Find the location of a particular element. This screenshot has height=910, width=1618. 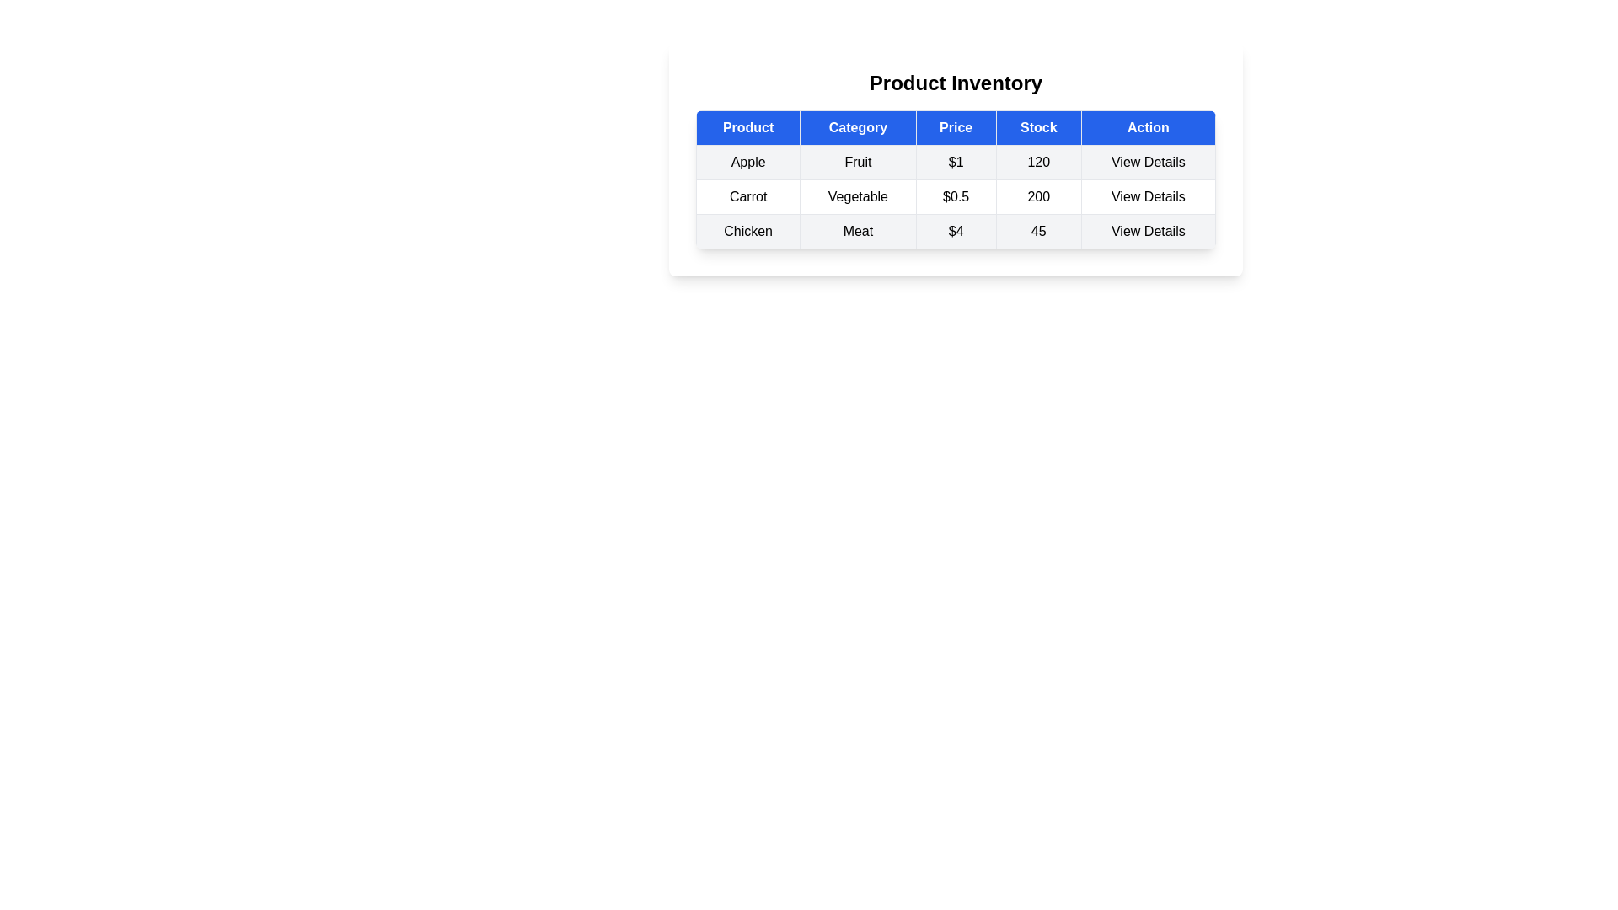

the column header Product to inspect it is located at coordinates (747, 126).